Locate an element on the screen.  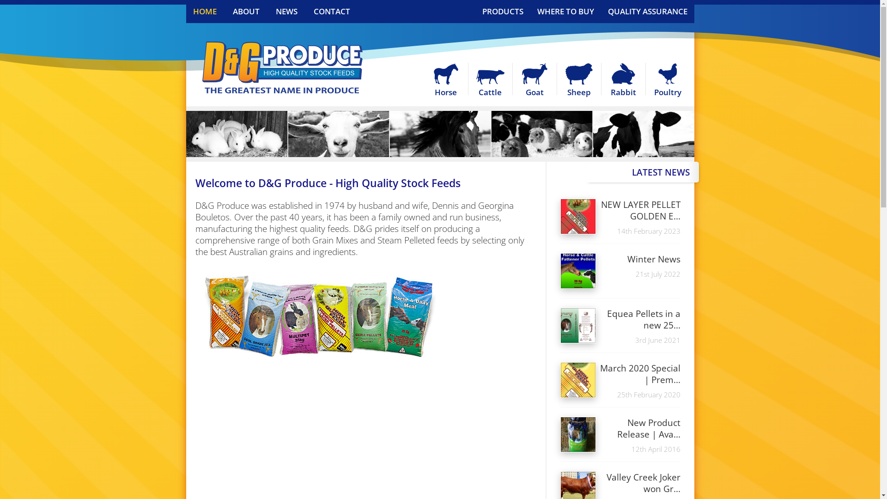
'HOME' is located at coordinates (204, 11).